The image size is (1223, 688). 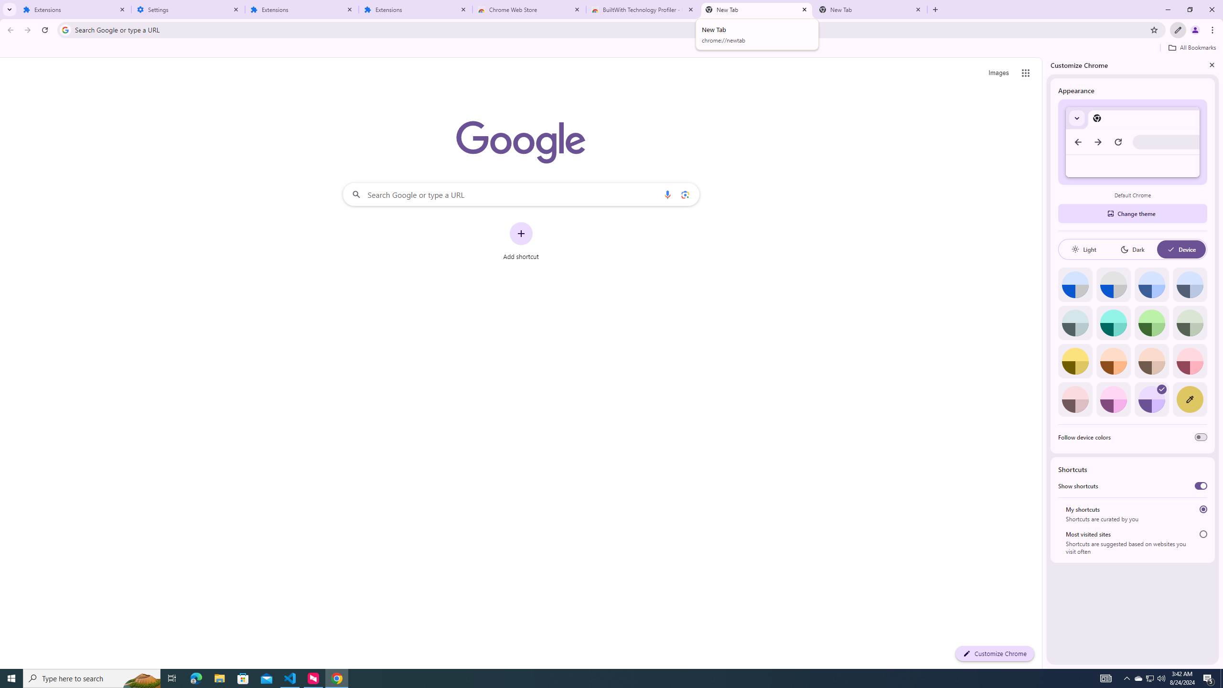 What do you see at coordinates (1113, 399) in the screenshot?
I see `'Fuchsia'` at bounding box center [1113, 399].